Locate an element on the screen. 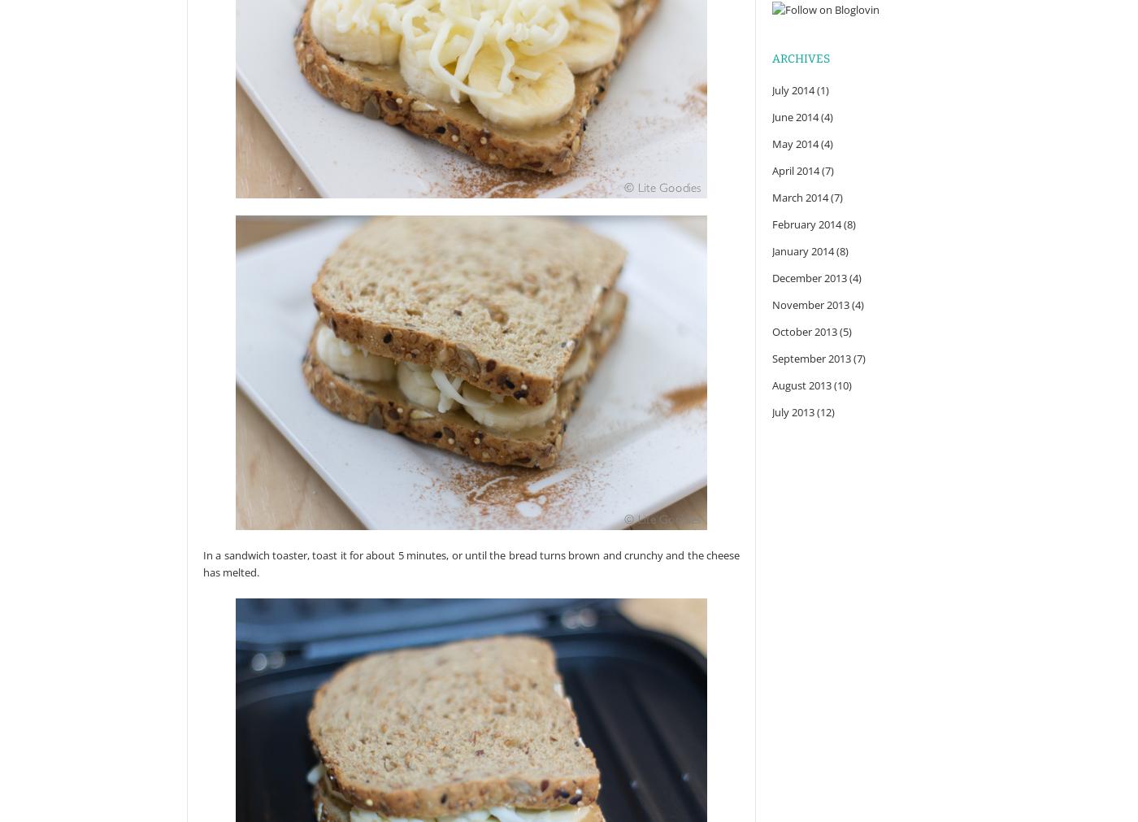 The width and height of the screenshot is (1138, 822). 'February 2014' is located at coordinates (806, 224).